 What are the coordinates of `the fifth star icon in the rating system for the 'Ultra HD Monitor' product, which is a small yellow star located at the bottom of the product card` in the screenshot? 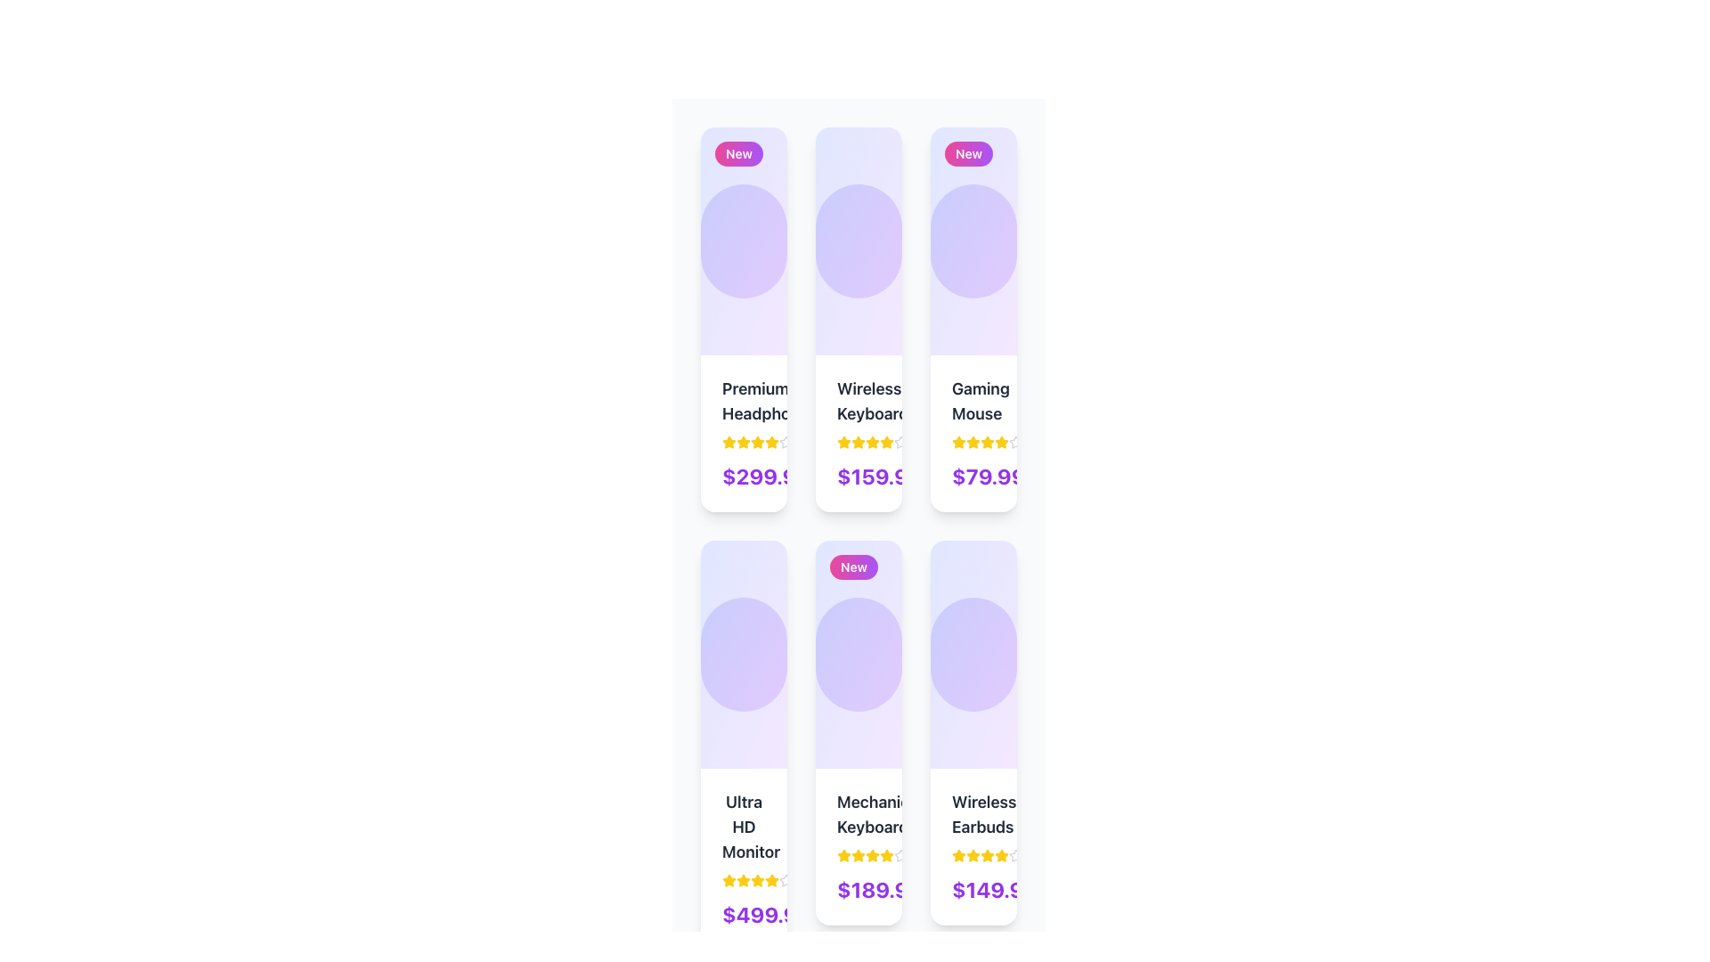 It's located at (772, 879).